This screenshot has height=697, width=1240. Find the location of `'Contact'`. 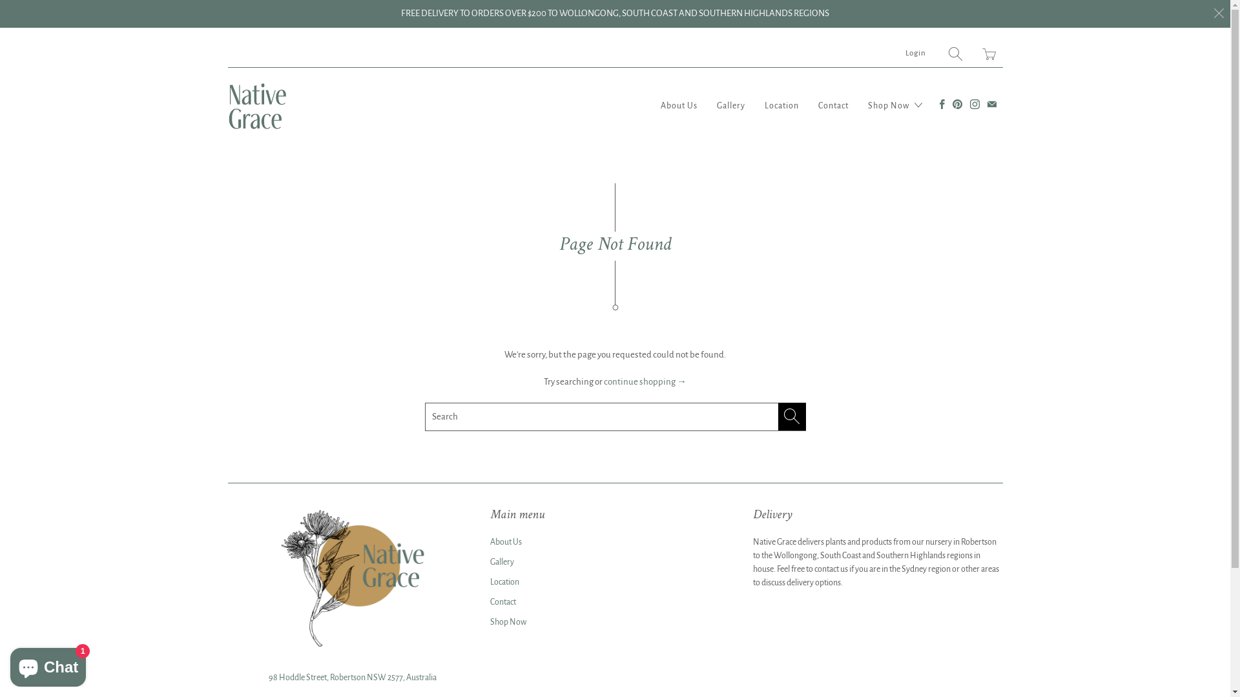

'Contact' is located at coordinates (502, 602).